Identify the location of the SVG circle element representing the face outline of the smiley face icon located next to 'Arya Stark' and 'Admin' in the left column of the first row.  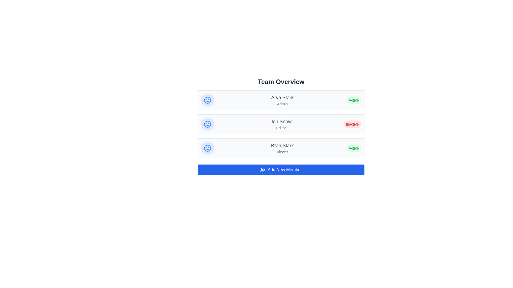
(207, 100).